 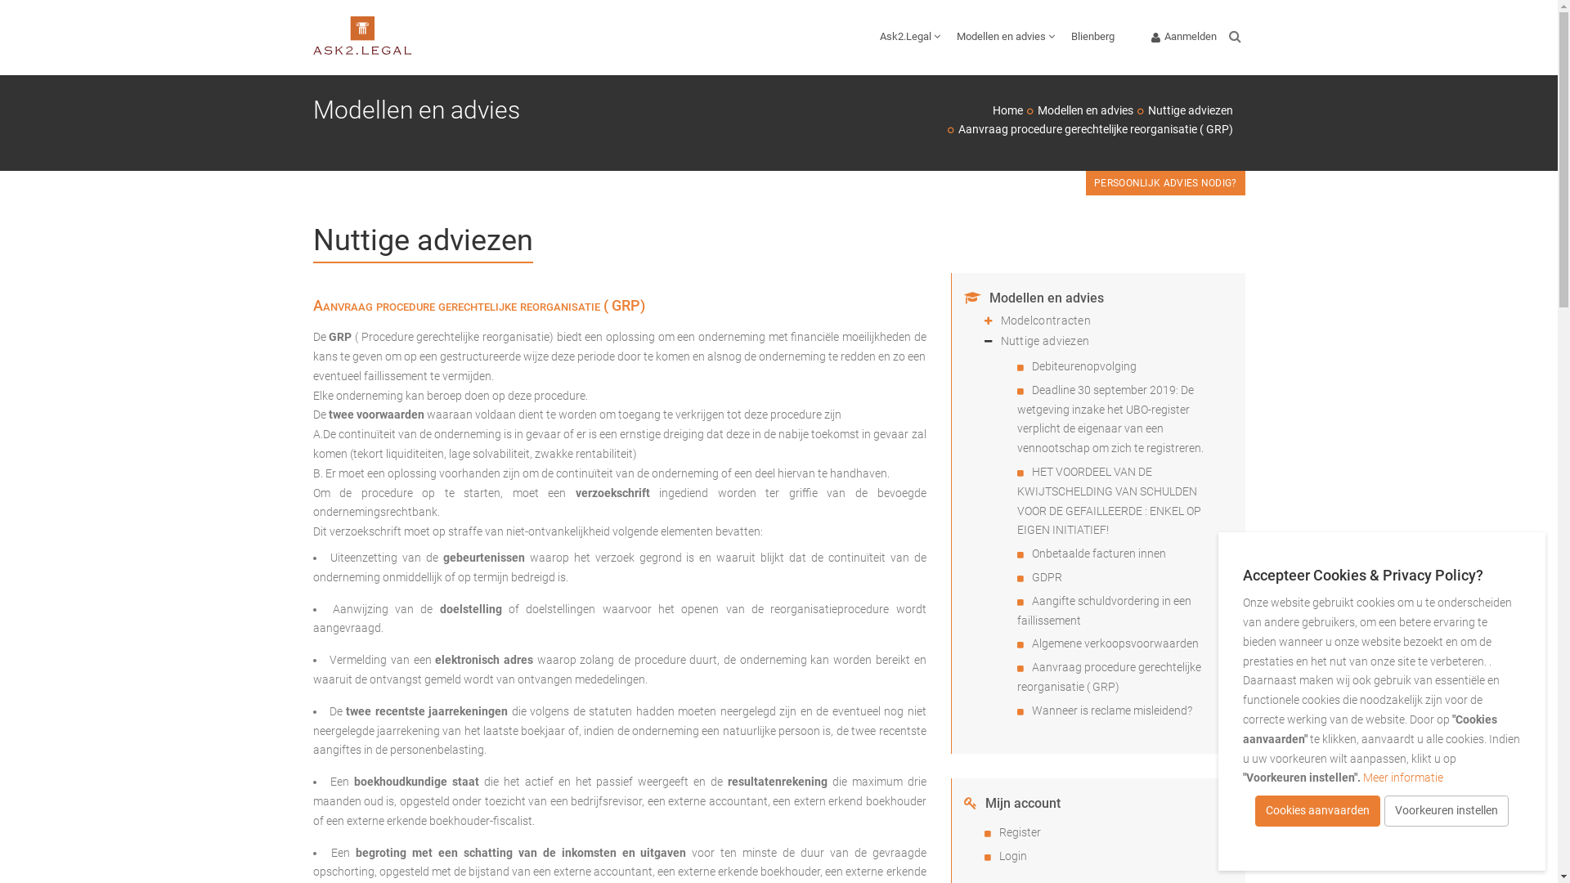 I want to click on 'Aanmelden', so click(x=1184, y=37).